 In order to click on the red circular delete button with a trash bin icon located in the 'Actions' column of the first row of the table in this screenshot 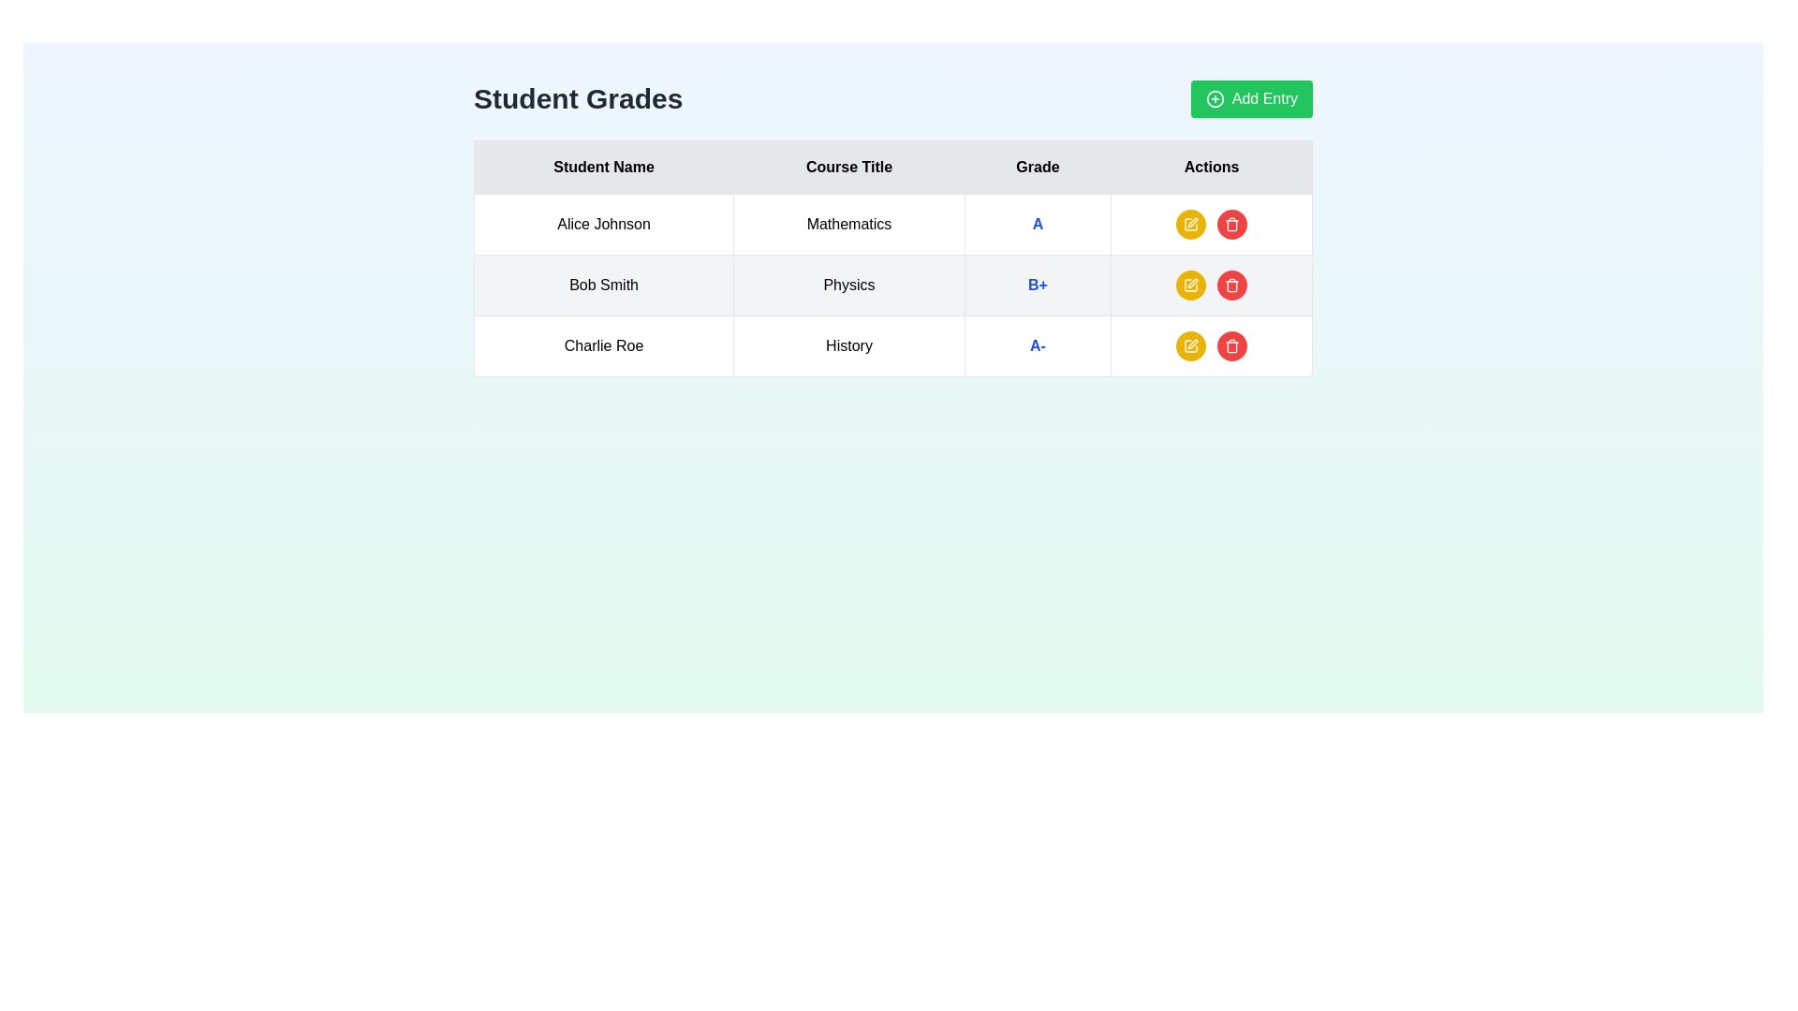, I will do `click(1231, 223)`.